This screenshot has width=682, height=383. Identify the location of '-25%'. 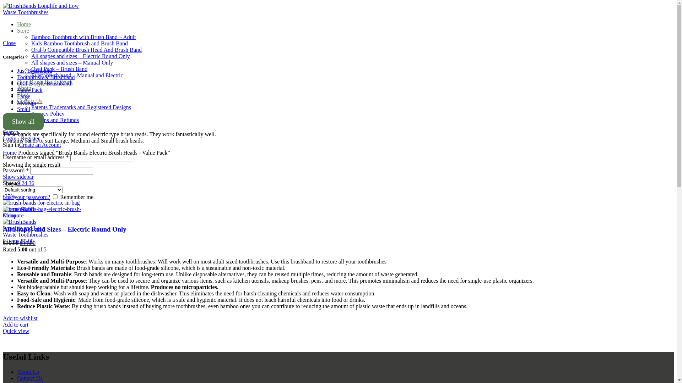
(3, 199).